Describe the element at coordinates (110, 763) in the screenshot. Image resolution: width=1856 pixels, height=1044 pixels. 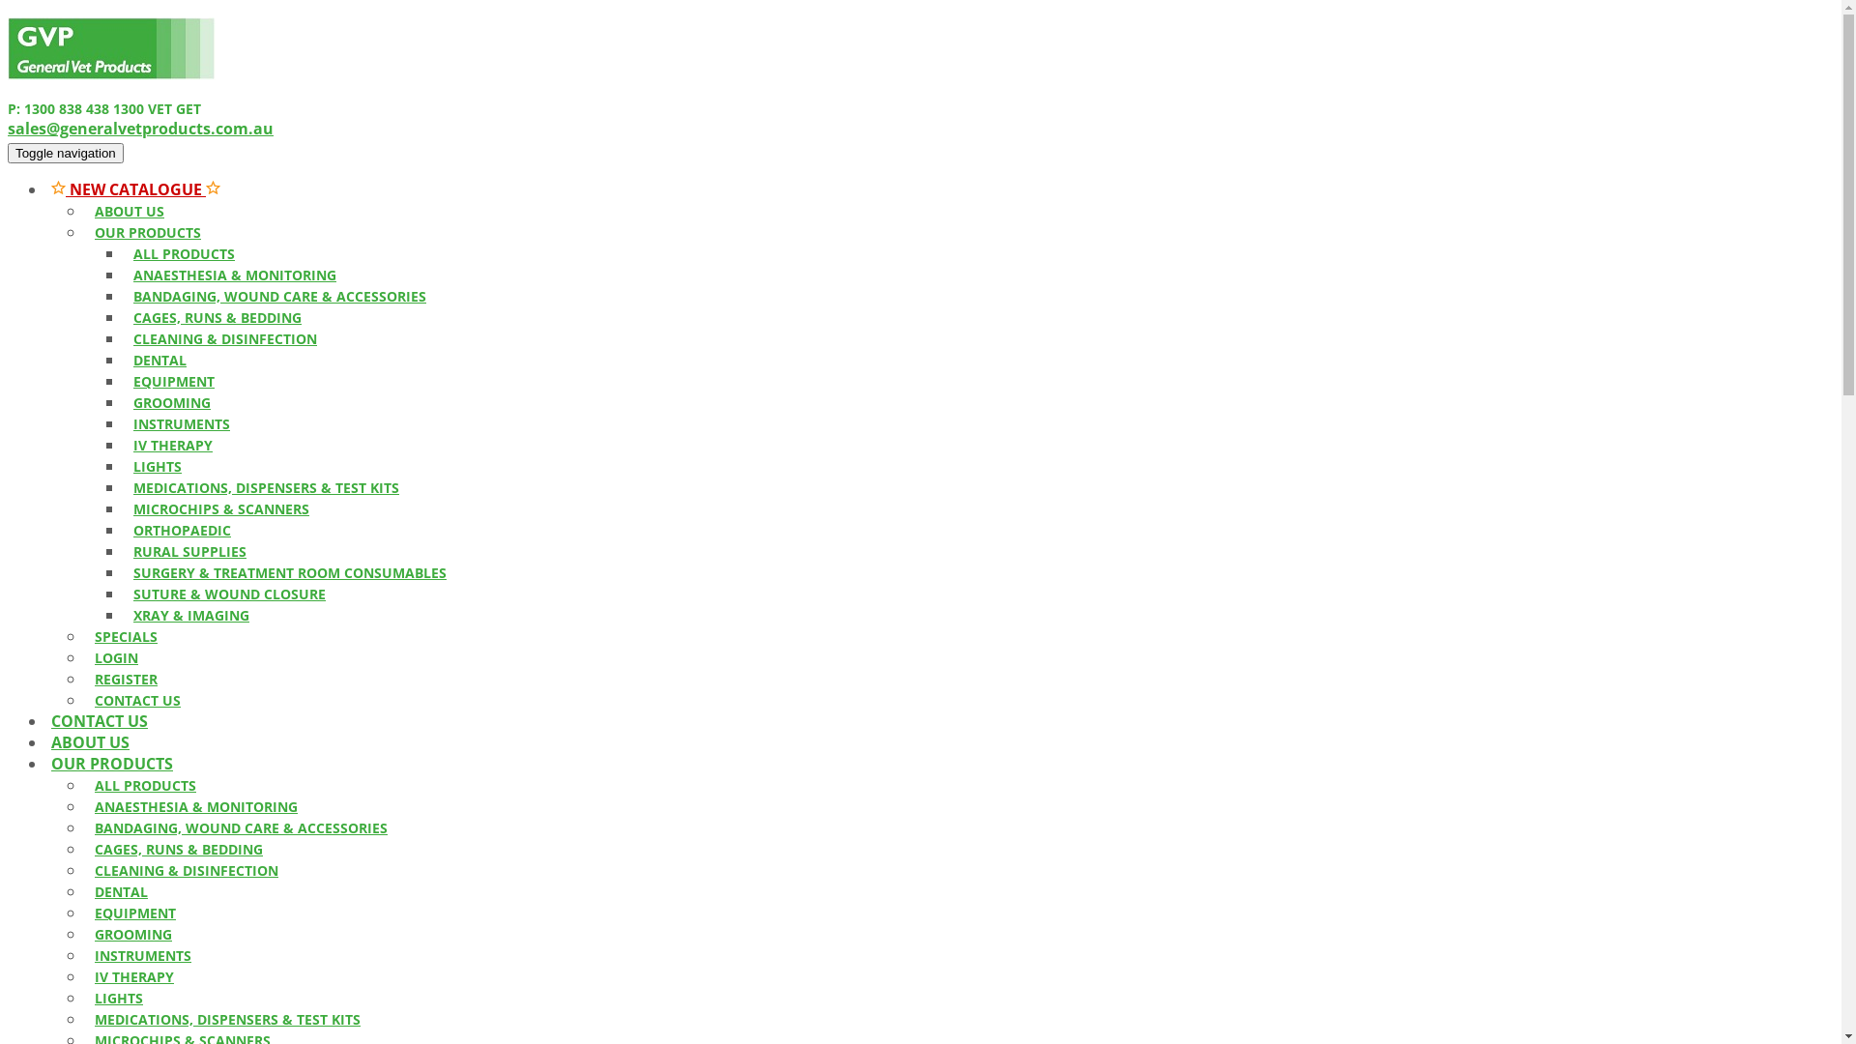
I see `'OUR PRODUCTS'` at that location.